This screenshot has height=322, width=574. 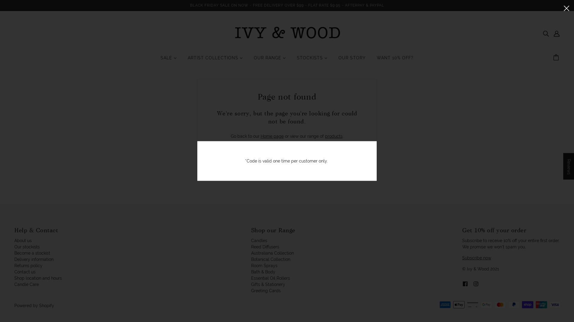 I want to click on 'products', so click(x=333, y=136).